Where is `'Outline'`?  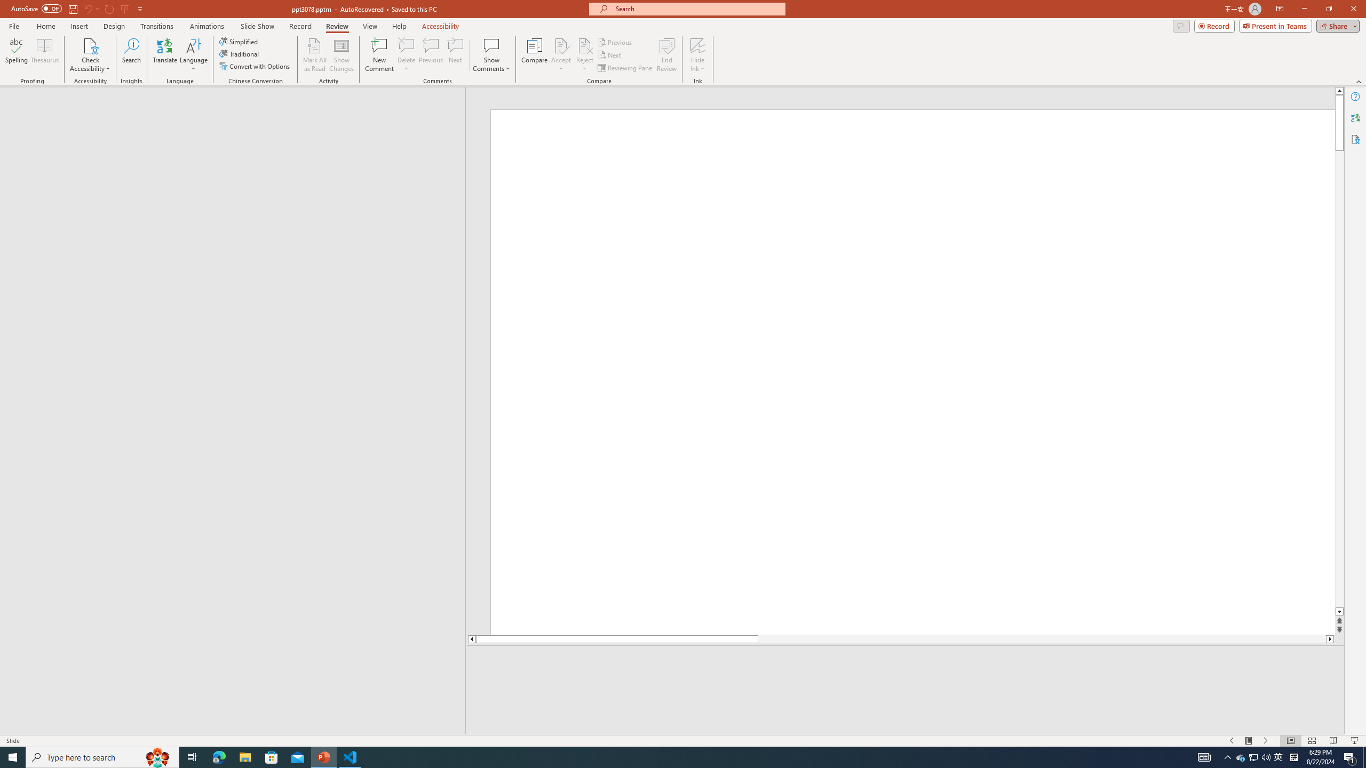 'Outline' is located at coordinates (237, 108).